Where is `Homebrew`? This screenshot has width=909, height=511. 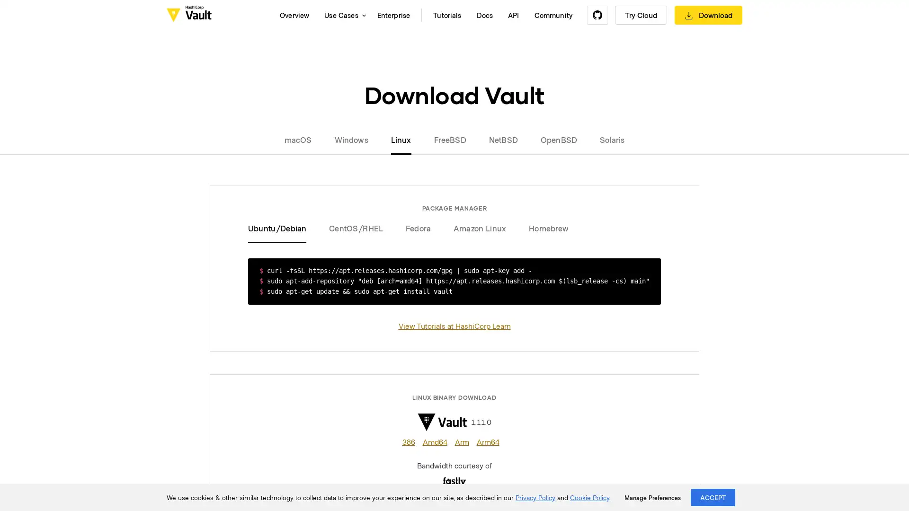 Homebrew is located at coordinates (543, 228).